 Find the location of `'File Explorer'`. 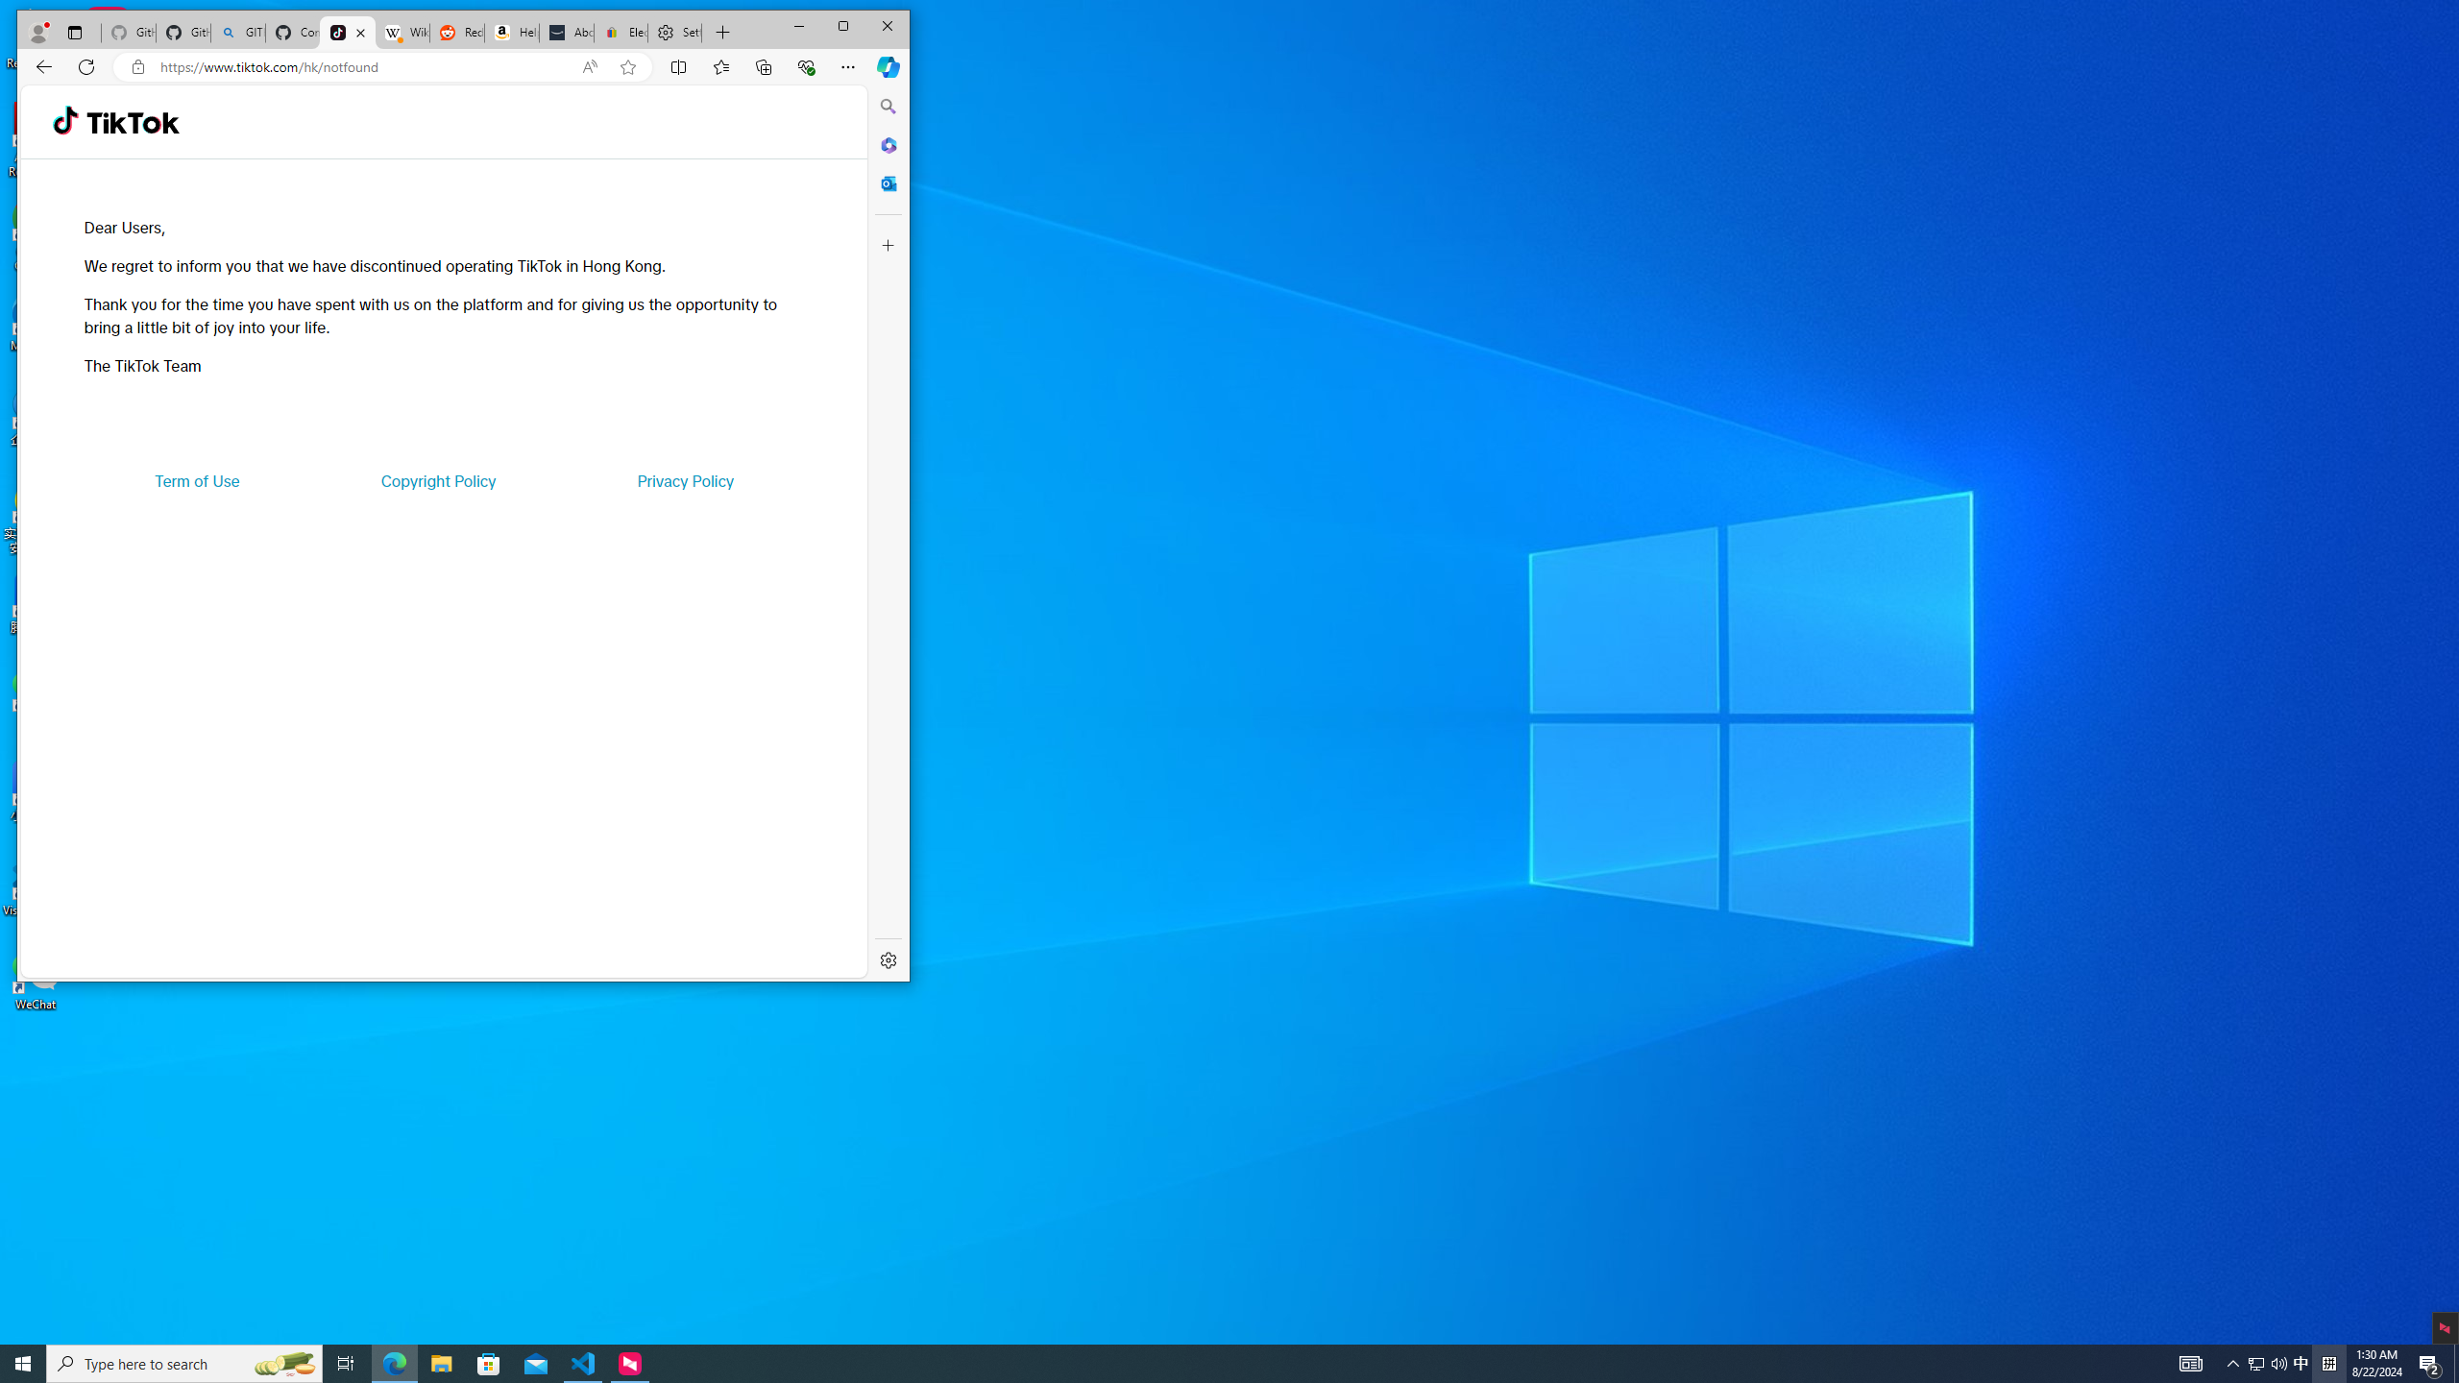

'File Explorer' is located at coordinates (440, 1362).